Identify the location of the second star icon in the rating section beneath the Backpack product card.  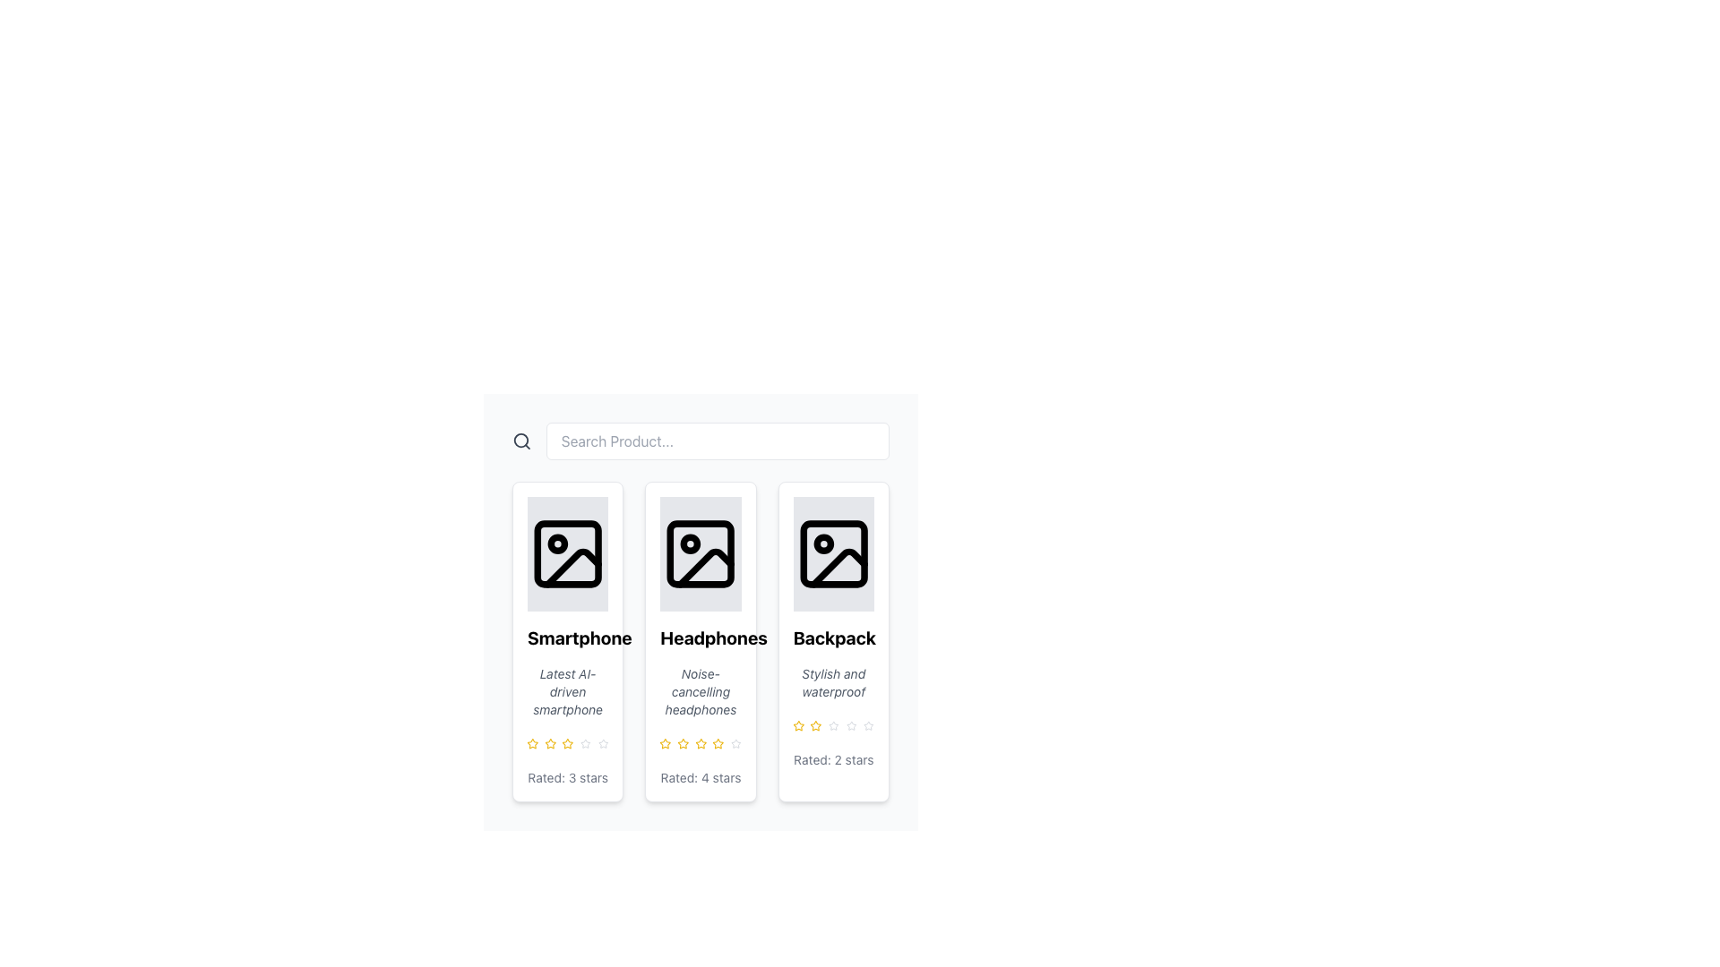
(797, 725).